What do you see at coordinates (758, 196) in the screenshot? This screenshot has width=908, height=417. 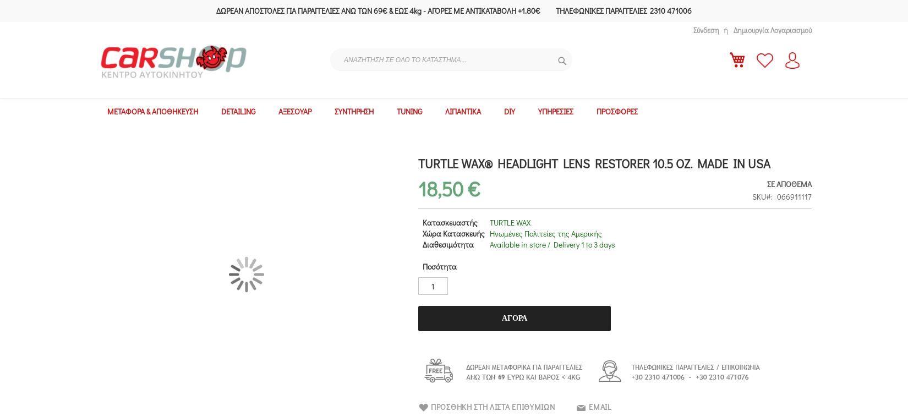 I see `'SKU'` at bounding box center [758, 196].